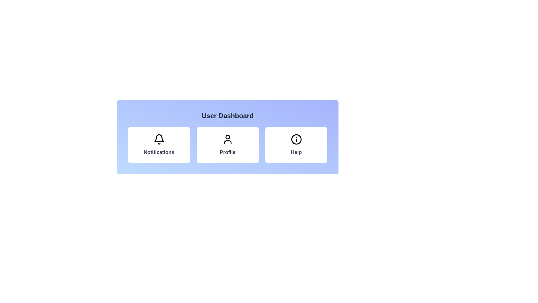 This screenshot has width=538, height=303. Describe the element at coordinates (296, 139) in the screenshot. I see `the circular information icon labeled in the 'Help' box on the dashboard` at that location.